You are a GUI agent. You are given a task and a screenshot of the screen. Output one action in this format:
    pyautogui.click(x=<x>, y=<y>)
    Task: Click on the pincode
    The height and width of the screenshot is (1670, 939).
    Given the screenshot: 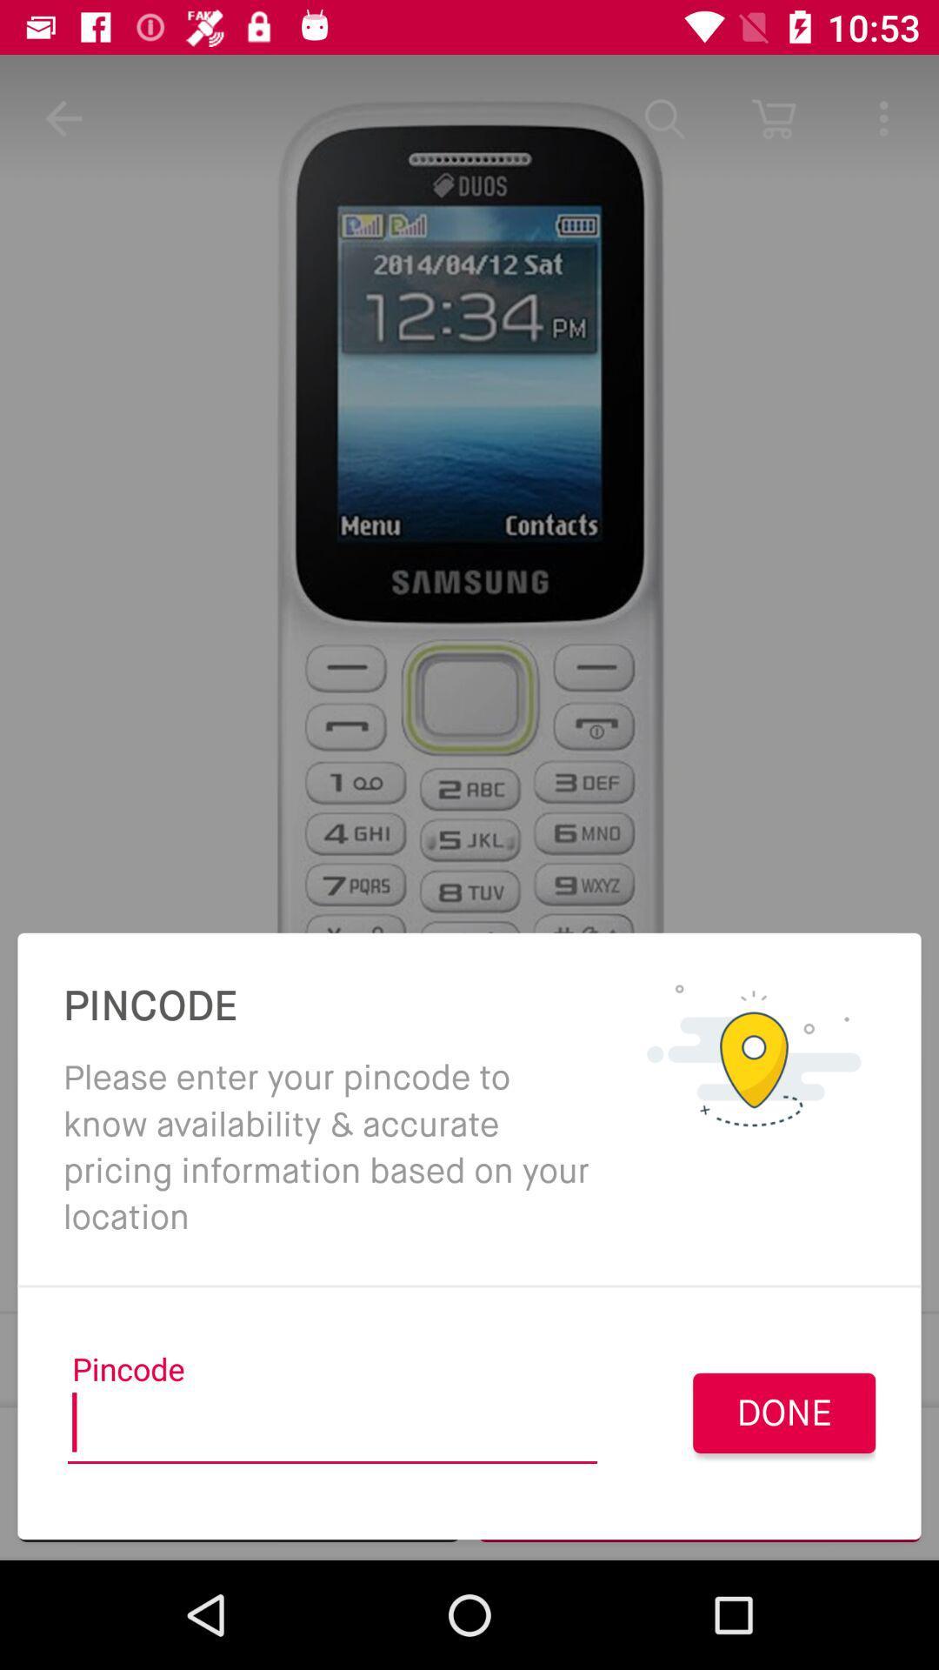 What is the action you would take?
    pyautogui.click(x=332, y=1428)
    